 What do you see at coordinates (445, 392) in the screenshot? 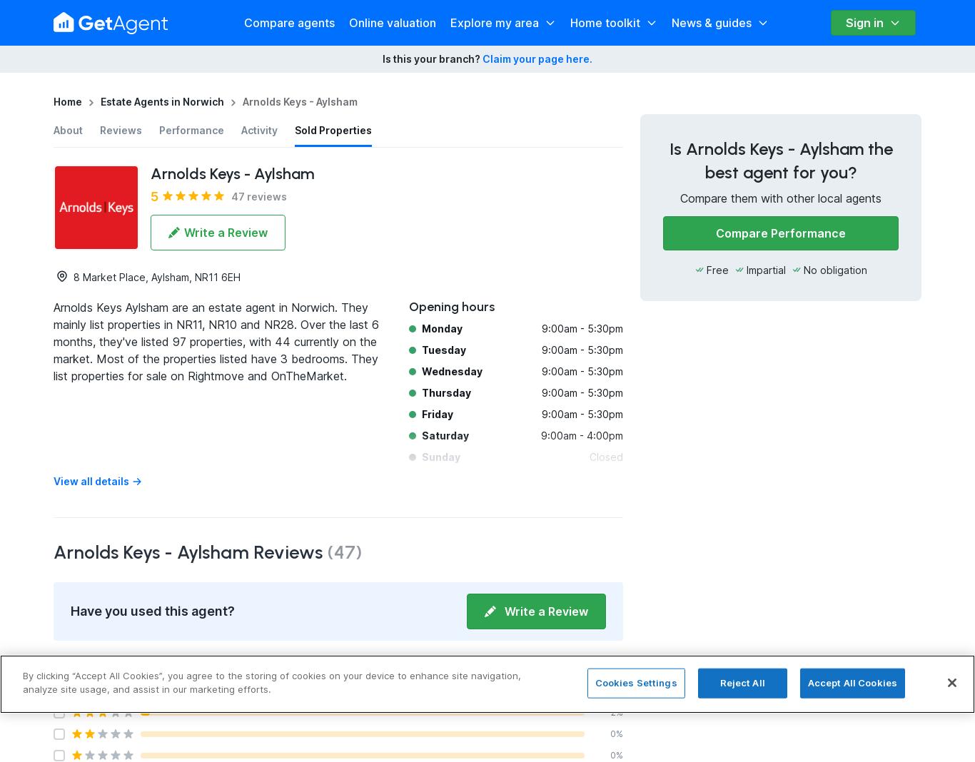
I see `'Thursday'` at bounding box center [445, 392].